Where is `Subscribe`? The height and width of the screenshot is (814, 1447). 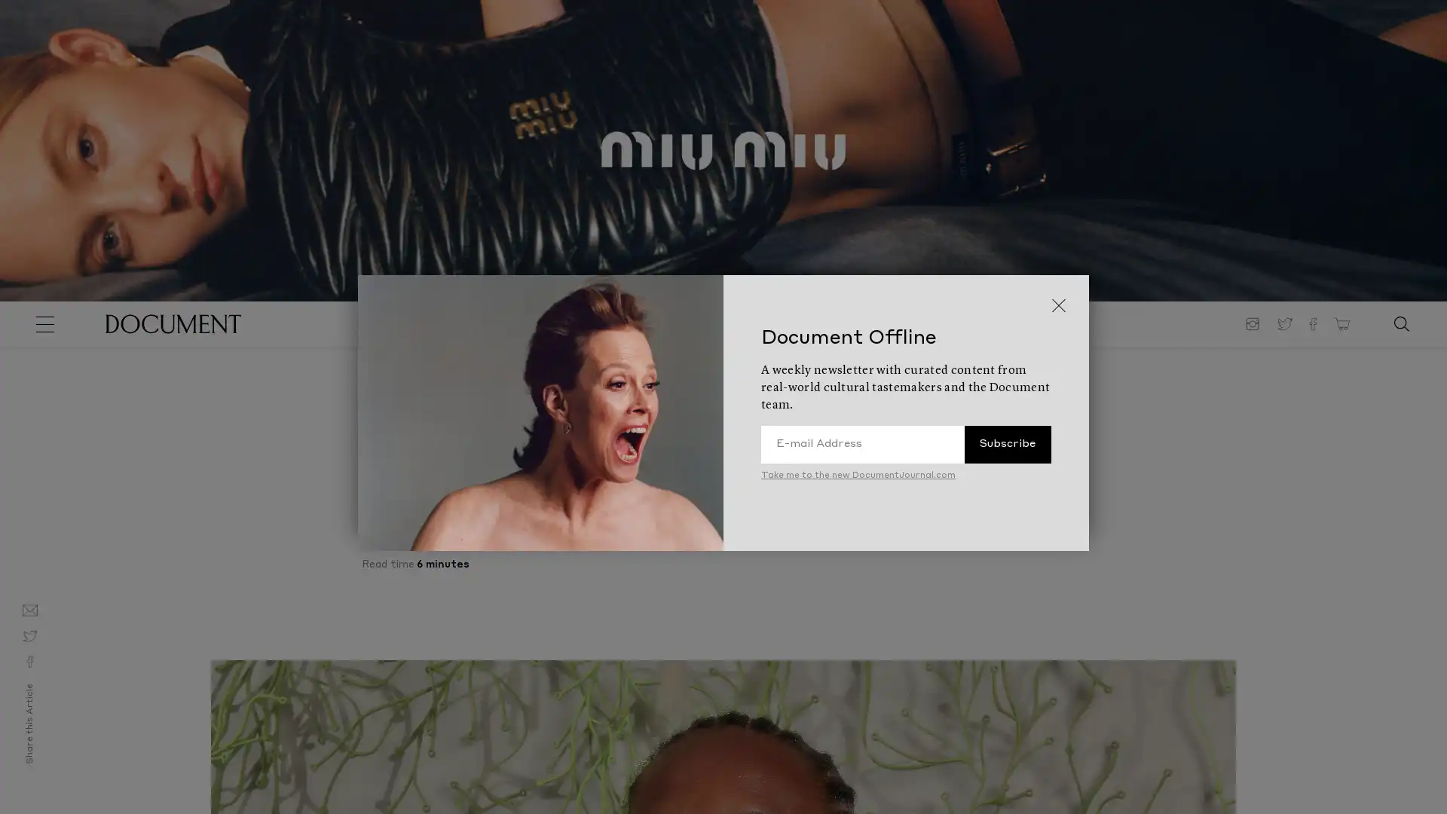
Subscribe is located at coordinates (1008, 443).